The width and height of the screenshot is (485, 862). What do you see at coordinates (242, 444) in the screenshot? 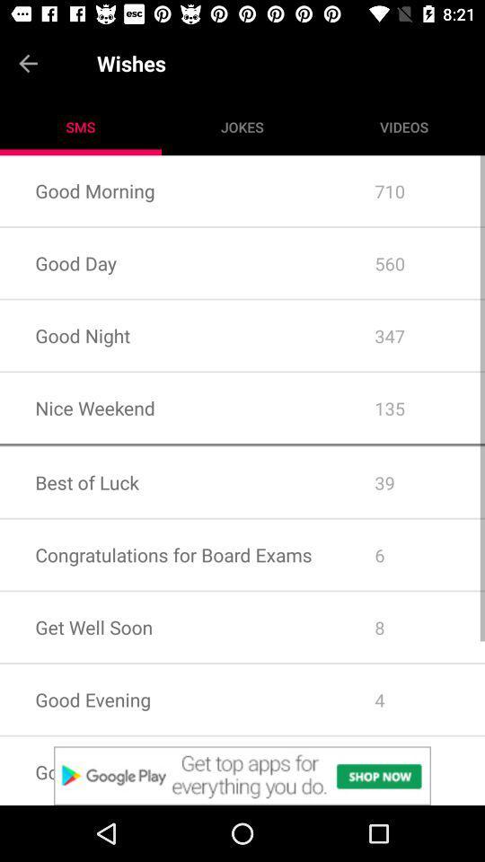
I see `item below the nice weekend app` at bounding box center [242, 444].